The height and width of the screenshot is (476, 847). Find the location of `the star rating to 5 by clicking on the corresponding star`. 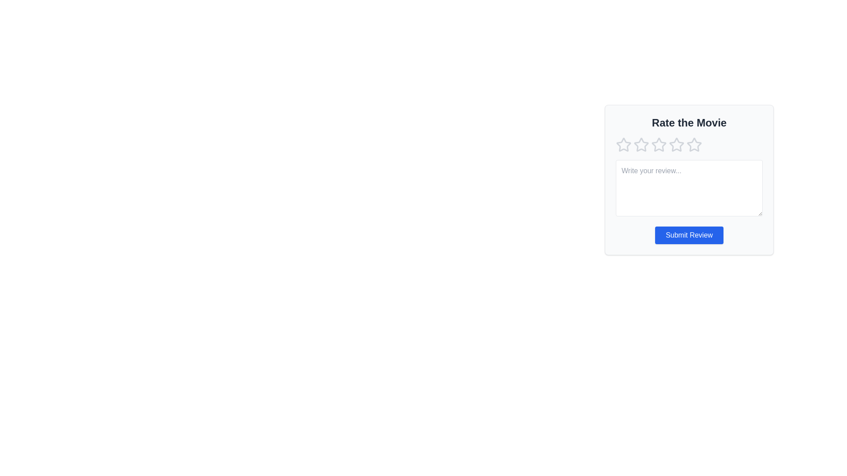

the star rating to 5 by clicking on the corresponding star is located at coordinates (694, 144).